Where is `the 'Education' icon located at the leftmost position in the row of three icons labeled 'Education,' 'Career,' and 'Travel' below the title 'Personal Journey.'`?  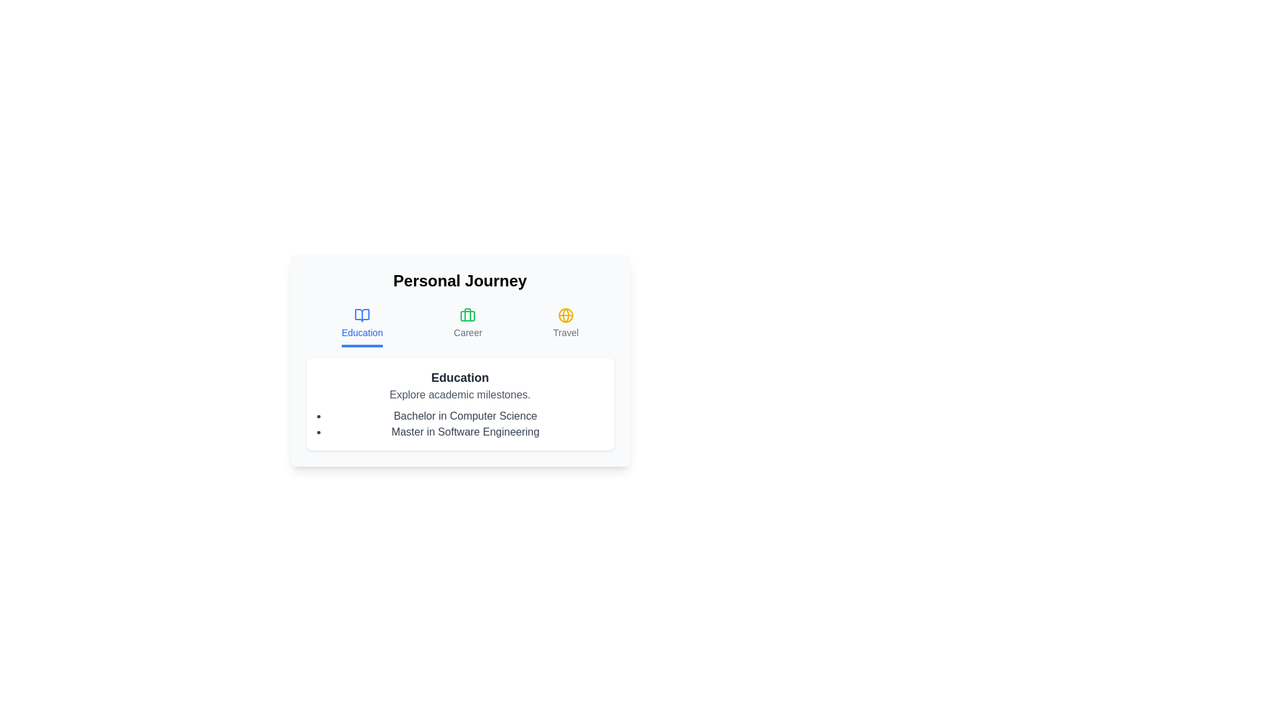
the 'Education' icon located at the leftmost position in the row of three icons labeled 'Education,' 'Career,' and 'Travel' below the title 'Personal Journey.' is located at coordinates (362, 315).